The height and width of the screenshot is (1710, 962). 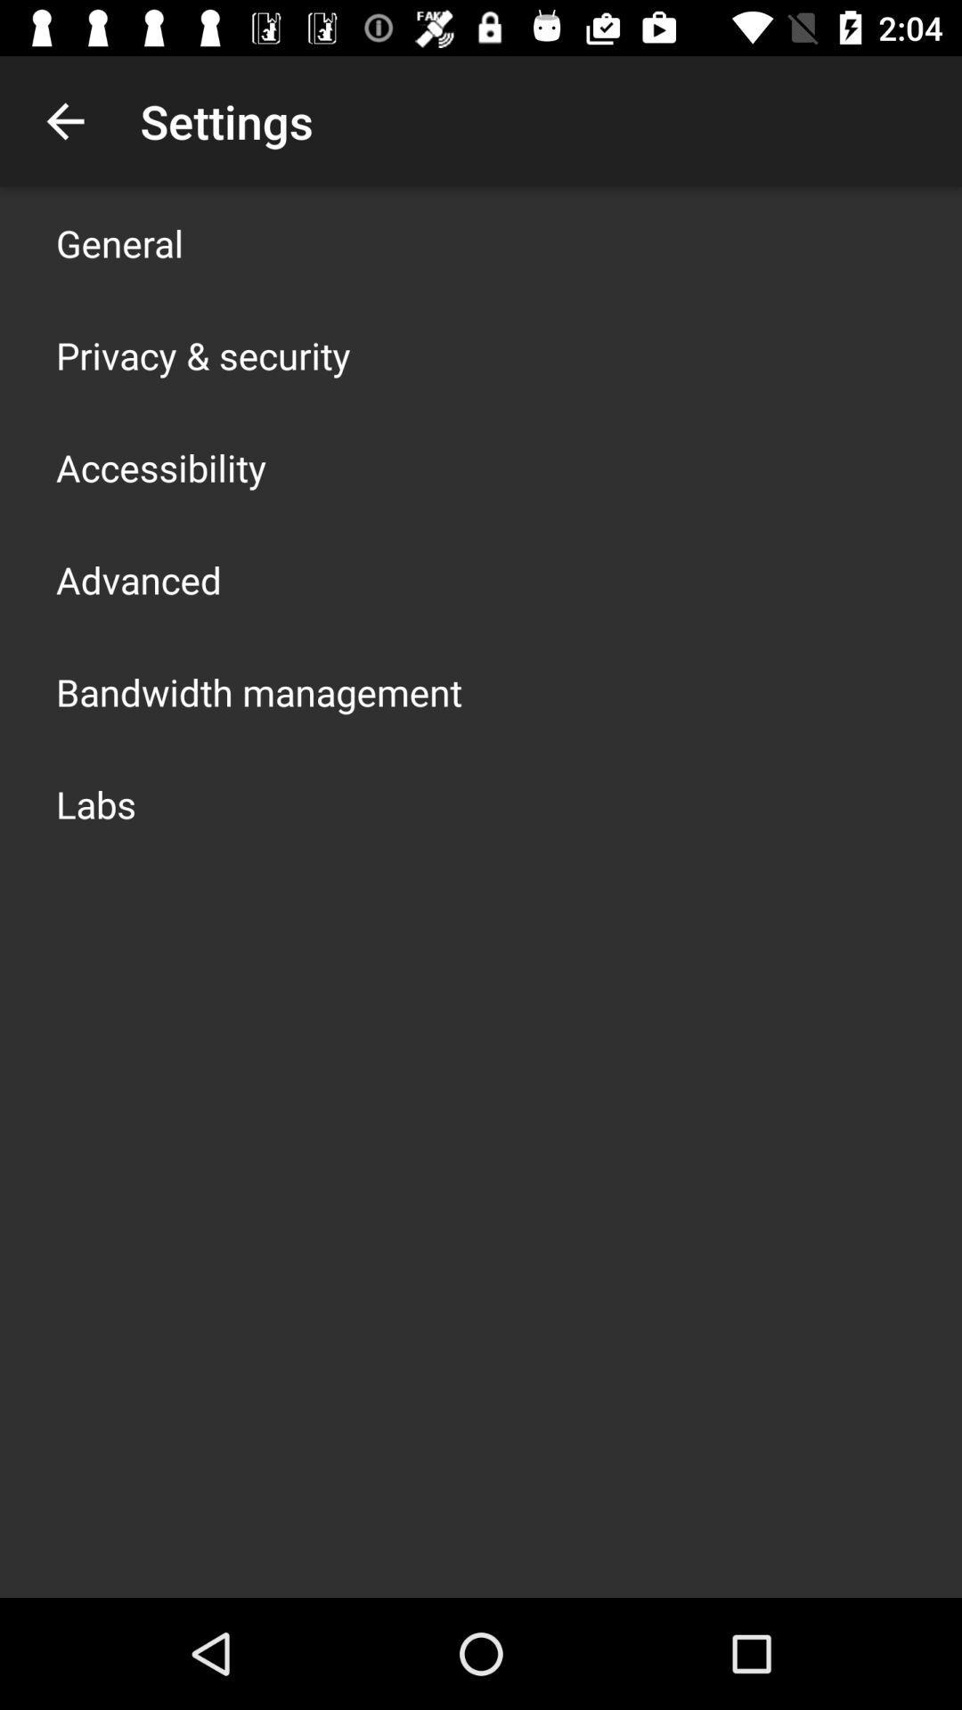 I want to click on app below the advanced, so click(x=258, y=691).